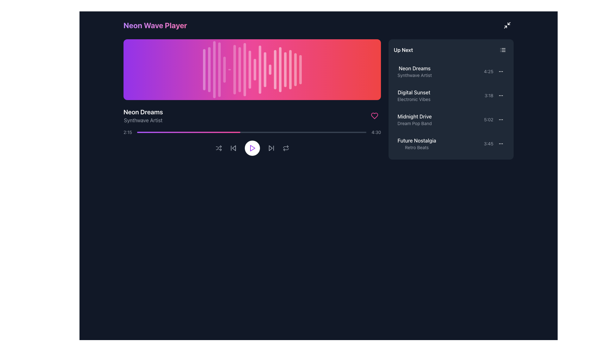 The width and height of the screenshot is (608, 342). What do you see at coordinates (451, 71) in the screenshot?
I see `the first list item representing a song in the 'Up Next' section` at bounding box center [451, 71].